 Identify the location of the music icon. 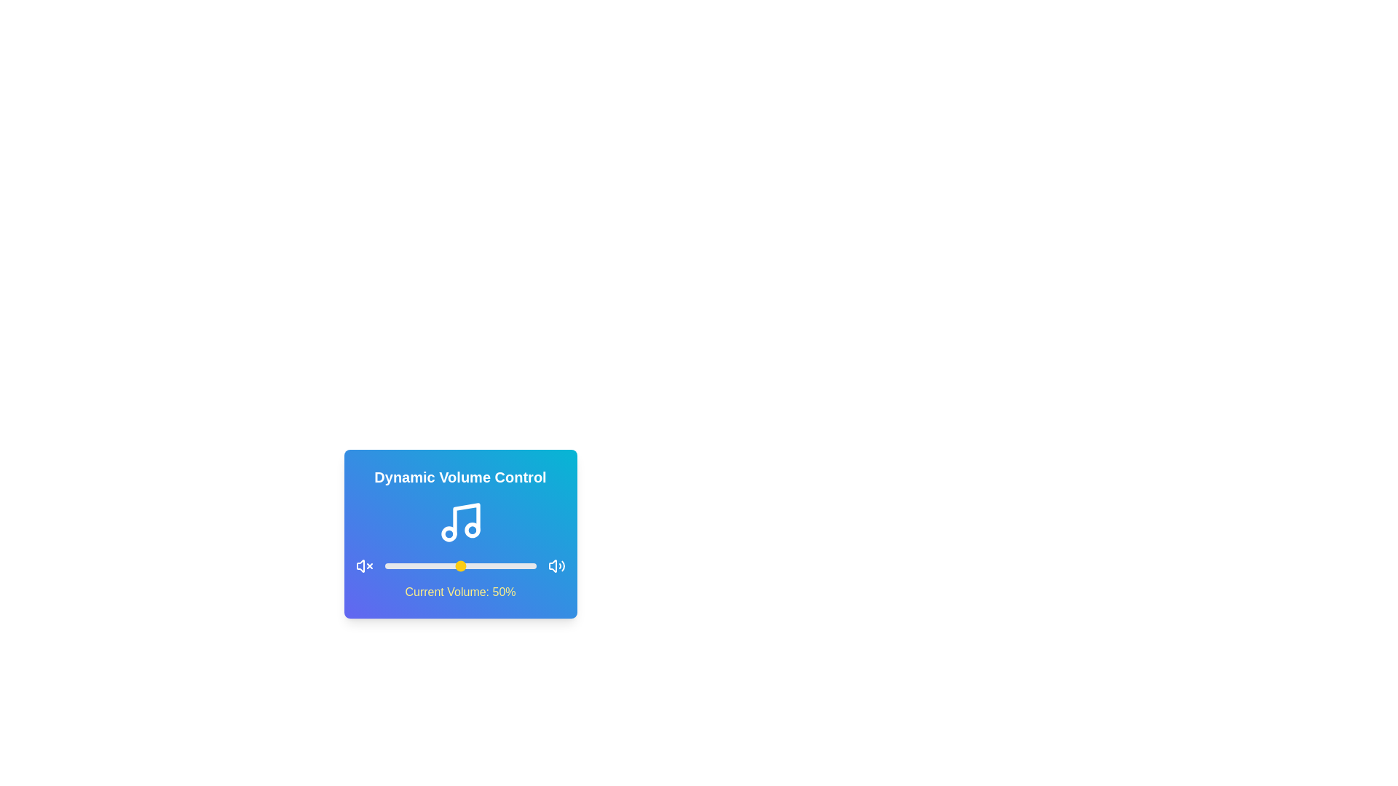
(459, 521).